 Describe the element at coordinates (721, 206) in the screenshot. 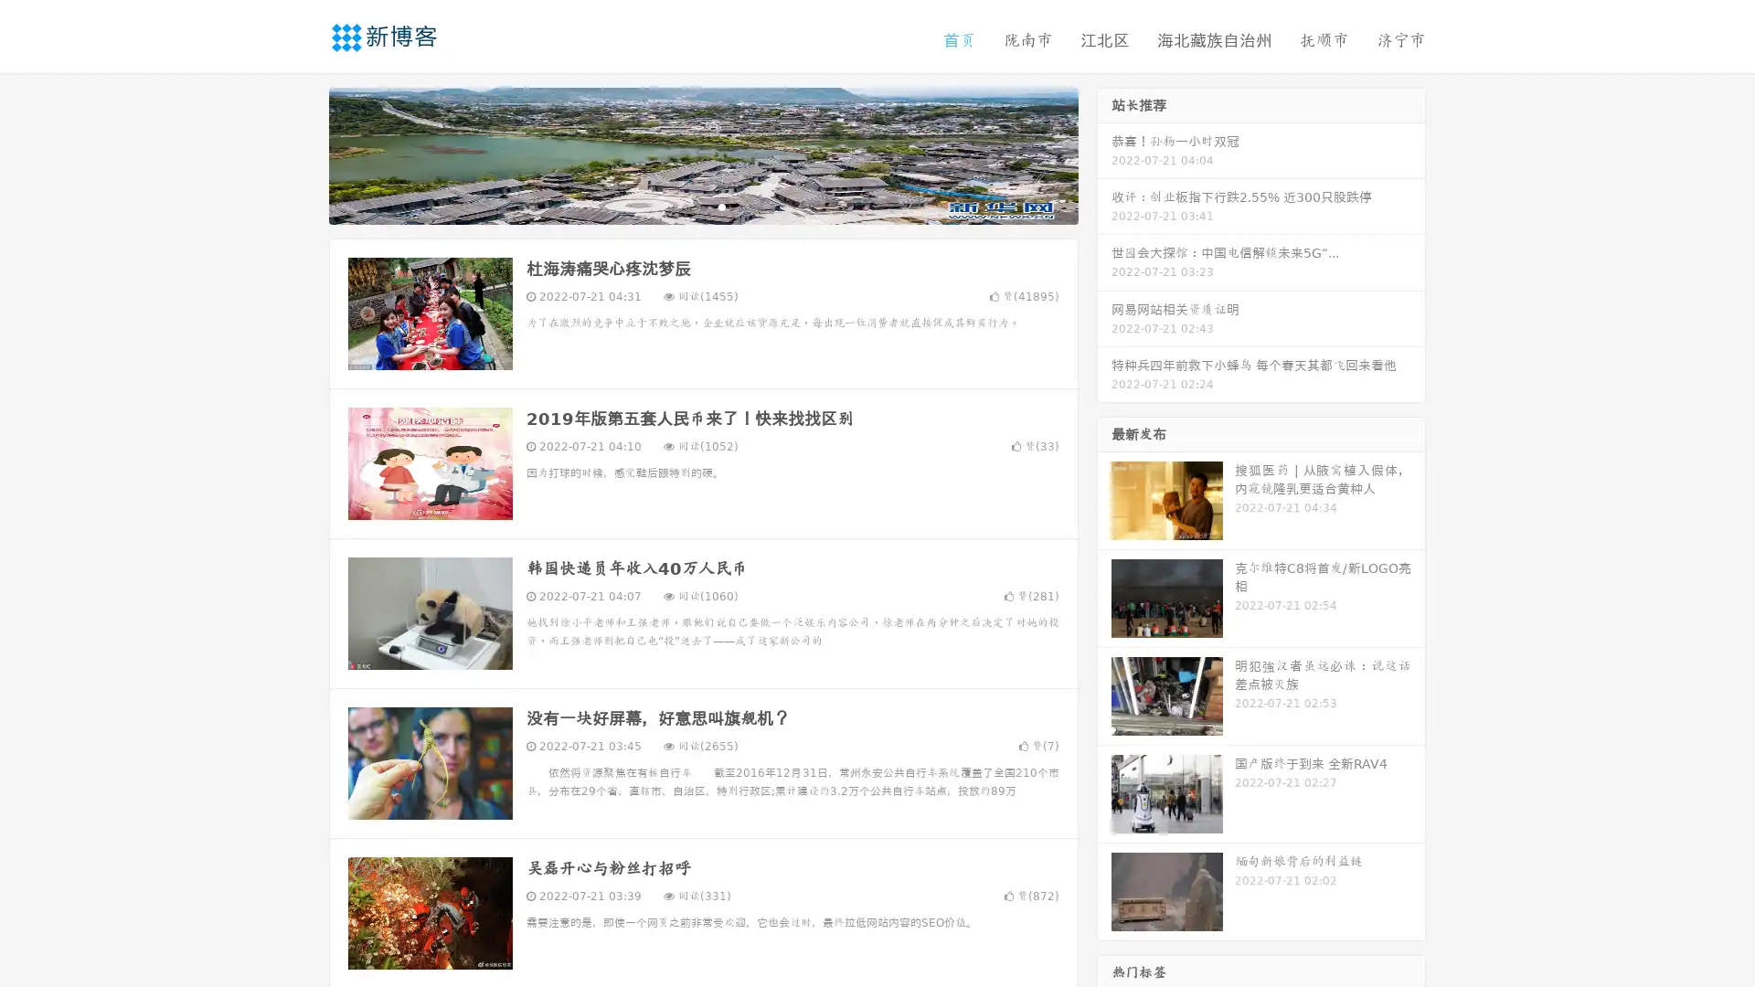

I see `Go to slide 3` at that location.